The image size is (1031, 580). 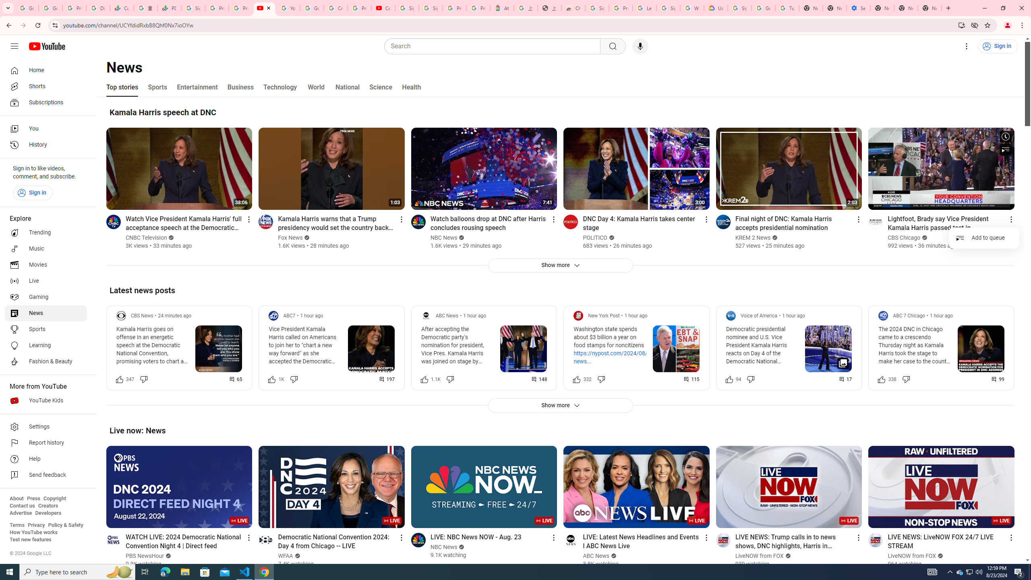 I want to click on 'Developers', so click(x=48, y=512).